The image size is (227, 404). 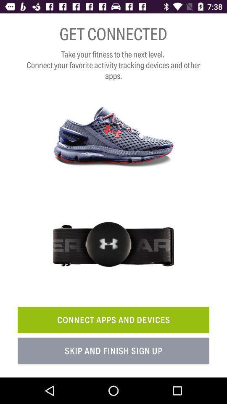 I want to click on the icon below the connect apps and icon, so click(x=113, y=351).